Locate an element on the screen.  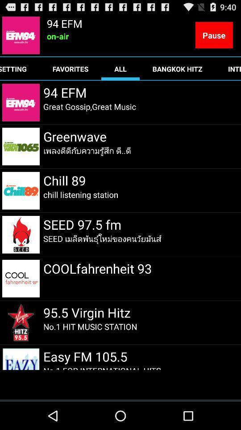
app above no 1 for item is located at coordinates (87, 356).